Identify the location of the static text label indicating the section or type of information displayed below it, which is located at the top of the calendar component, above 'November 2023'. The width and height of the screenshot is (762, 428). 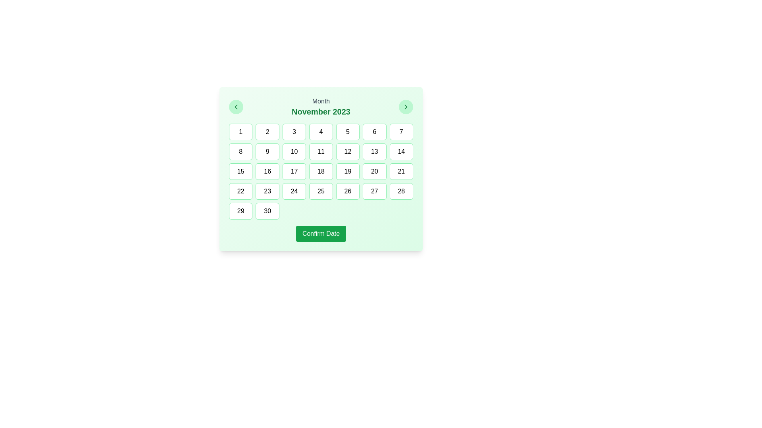
(321, 101).